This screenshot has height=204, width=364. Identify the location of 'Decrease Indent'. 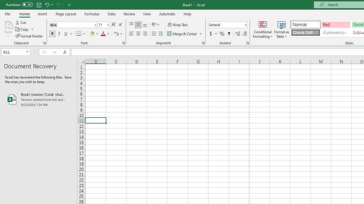
(154, 34).